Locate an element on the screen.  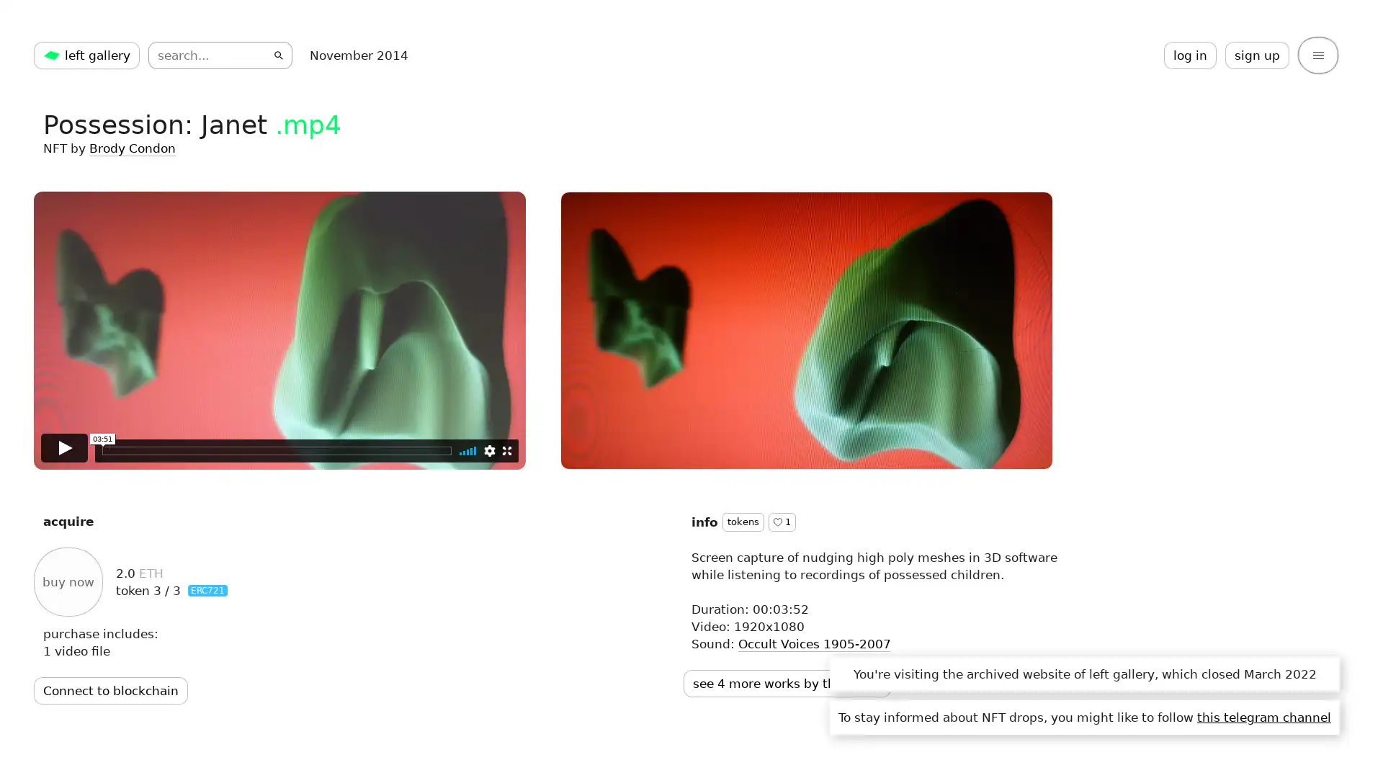
1 is located at coordinates (781, 522).